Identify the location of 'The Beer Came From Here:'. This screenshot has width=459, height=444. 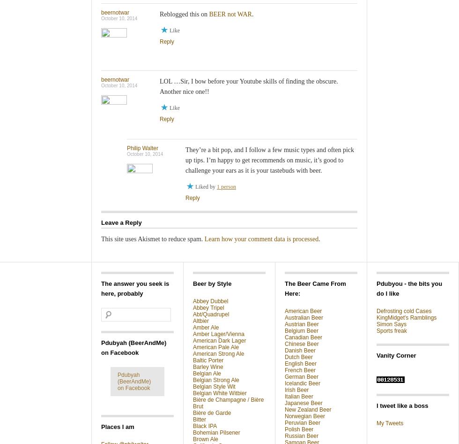
(284, 288).